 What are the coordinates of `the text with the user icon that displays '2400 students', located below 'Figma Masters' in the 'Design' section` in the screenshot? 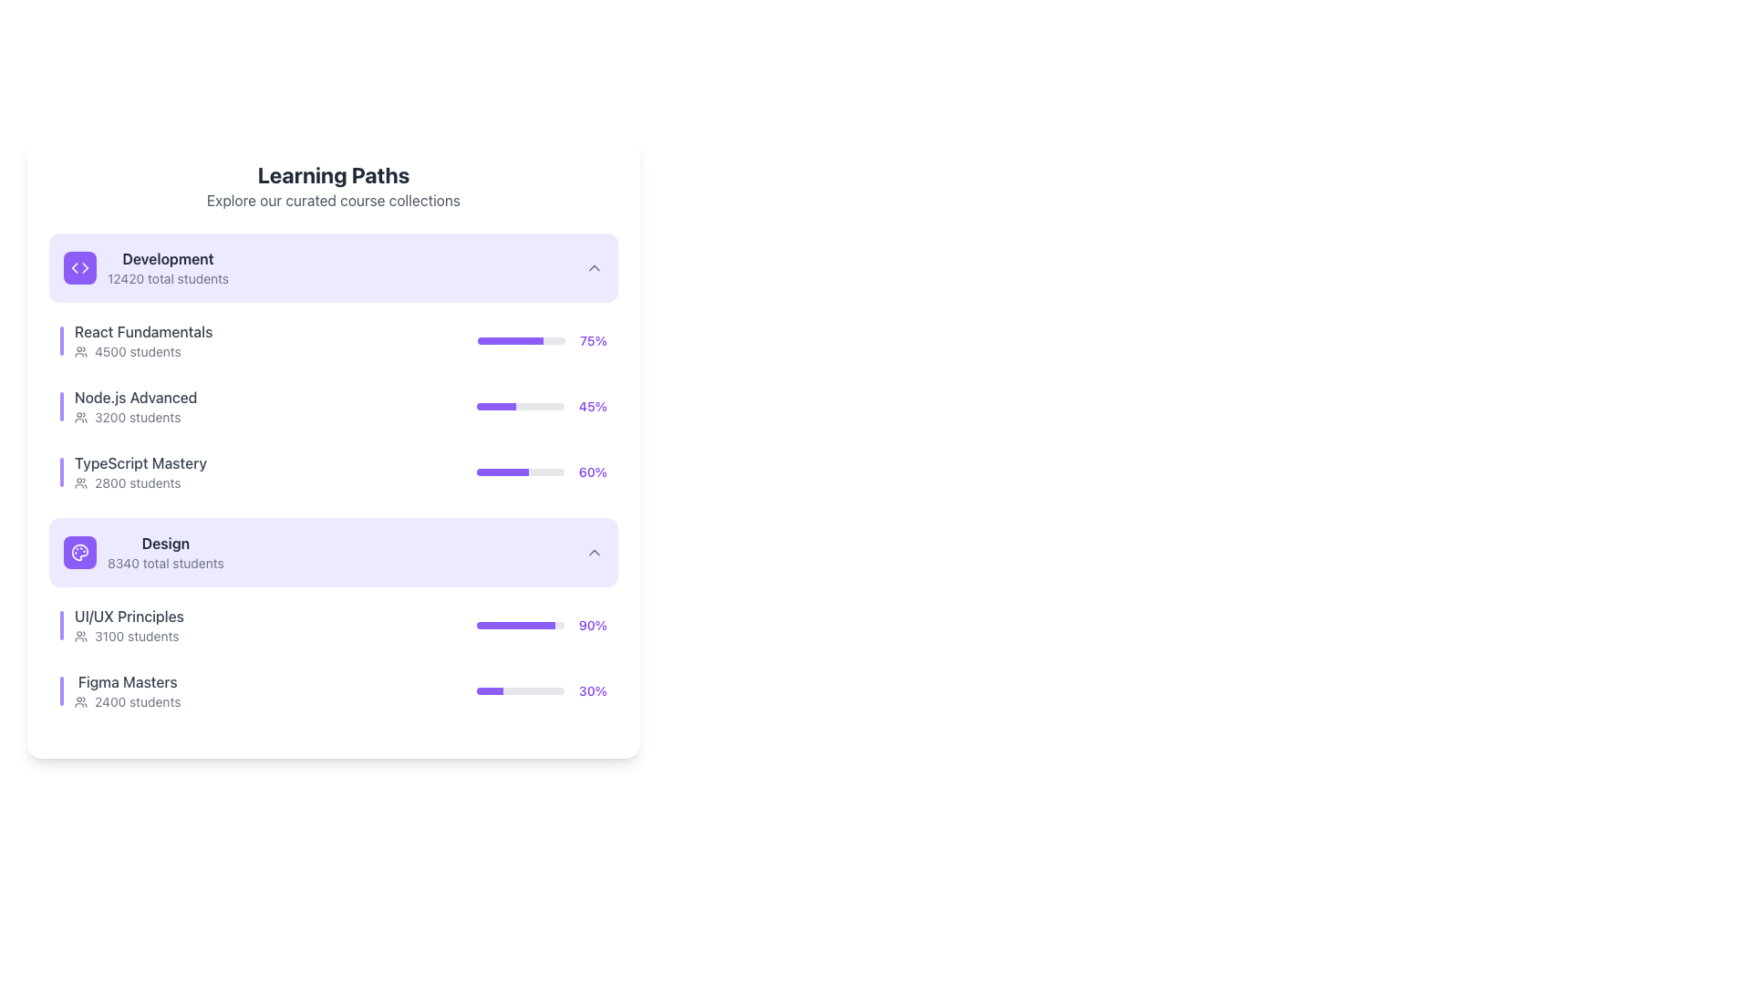 It's located at (127, 701).